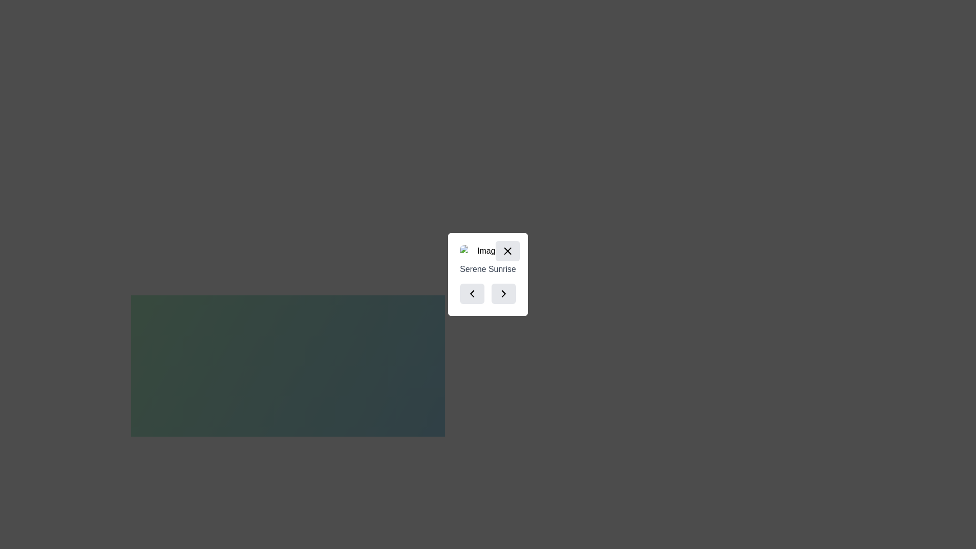 The image size is (976, 549). I want to click on the right arrow button of the Interactive navigation control located below the 'Serene Sunrise' title, so click(488, 294).